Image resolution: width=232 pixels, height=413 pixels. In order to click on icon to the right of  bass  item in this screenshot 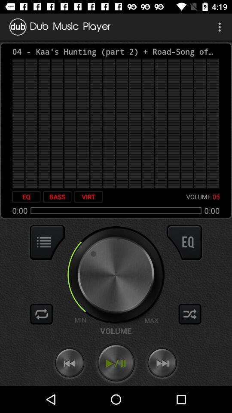, I will do `click(88, 197)`.